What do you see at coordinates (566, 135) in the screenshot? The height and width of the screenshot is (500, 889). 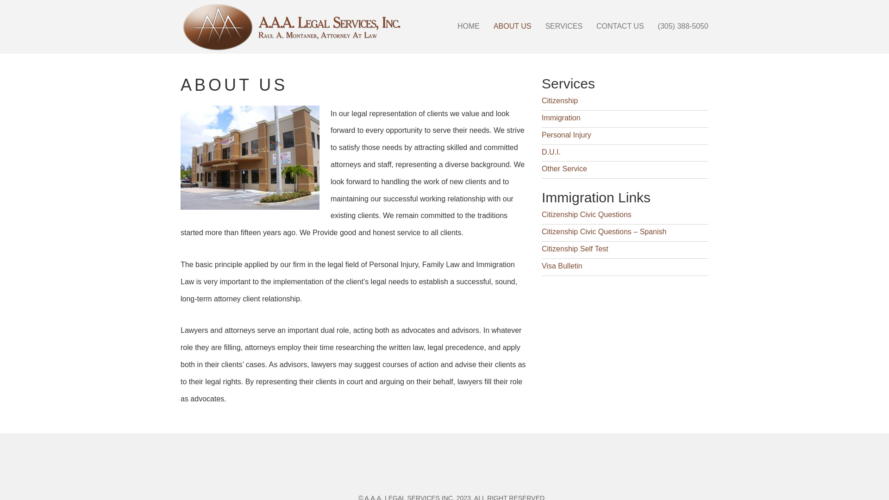 I see `'Personal Injury'` at bounding box center [566, 135].